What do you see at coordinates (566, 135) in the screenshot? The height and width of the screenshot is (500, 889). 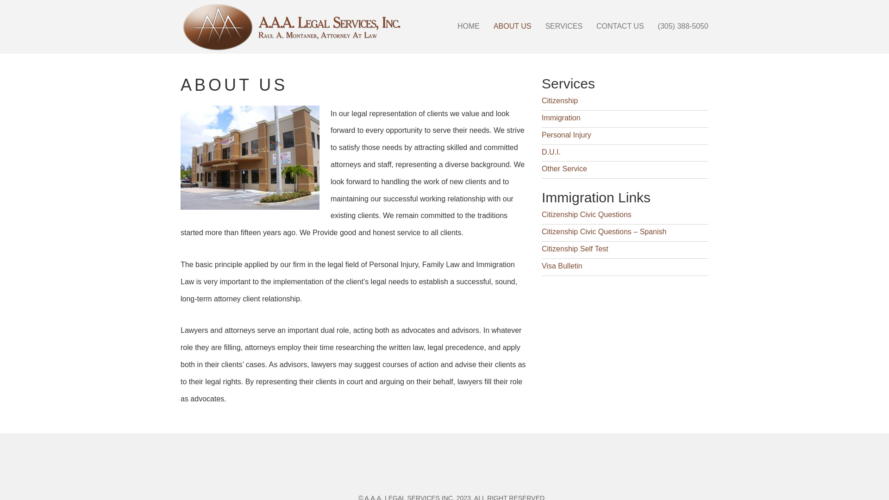 I see `'Personal Injury'` at bounding box center [566, 135].